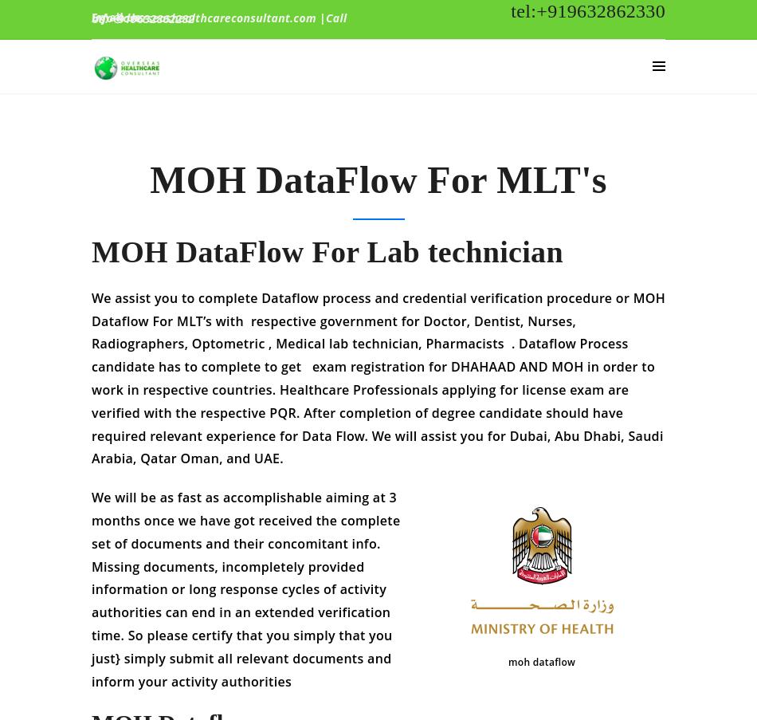 The width and height of the screenshot is (757, 720). I want to click on 'MOH DataFlow For Lab technician', so click(92, 262).